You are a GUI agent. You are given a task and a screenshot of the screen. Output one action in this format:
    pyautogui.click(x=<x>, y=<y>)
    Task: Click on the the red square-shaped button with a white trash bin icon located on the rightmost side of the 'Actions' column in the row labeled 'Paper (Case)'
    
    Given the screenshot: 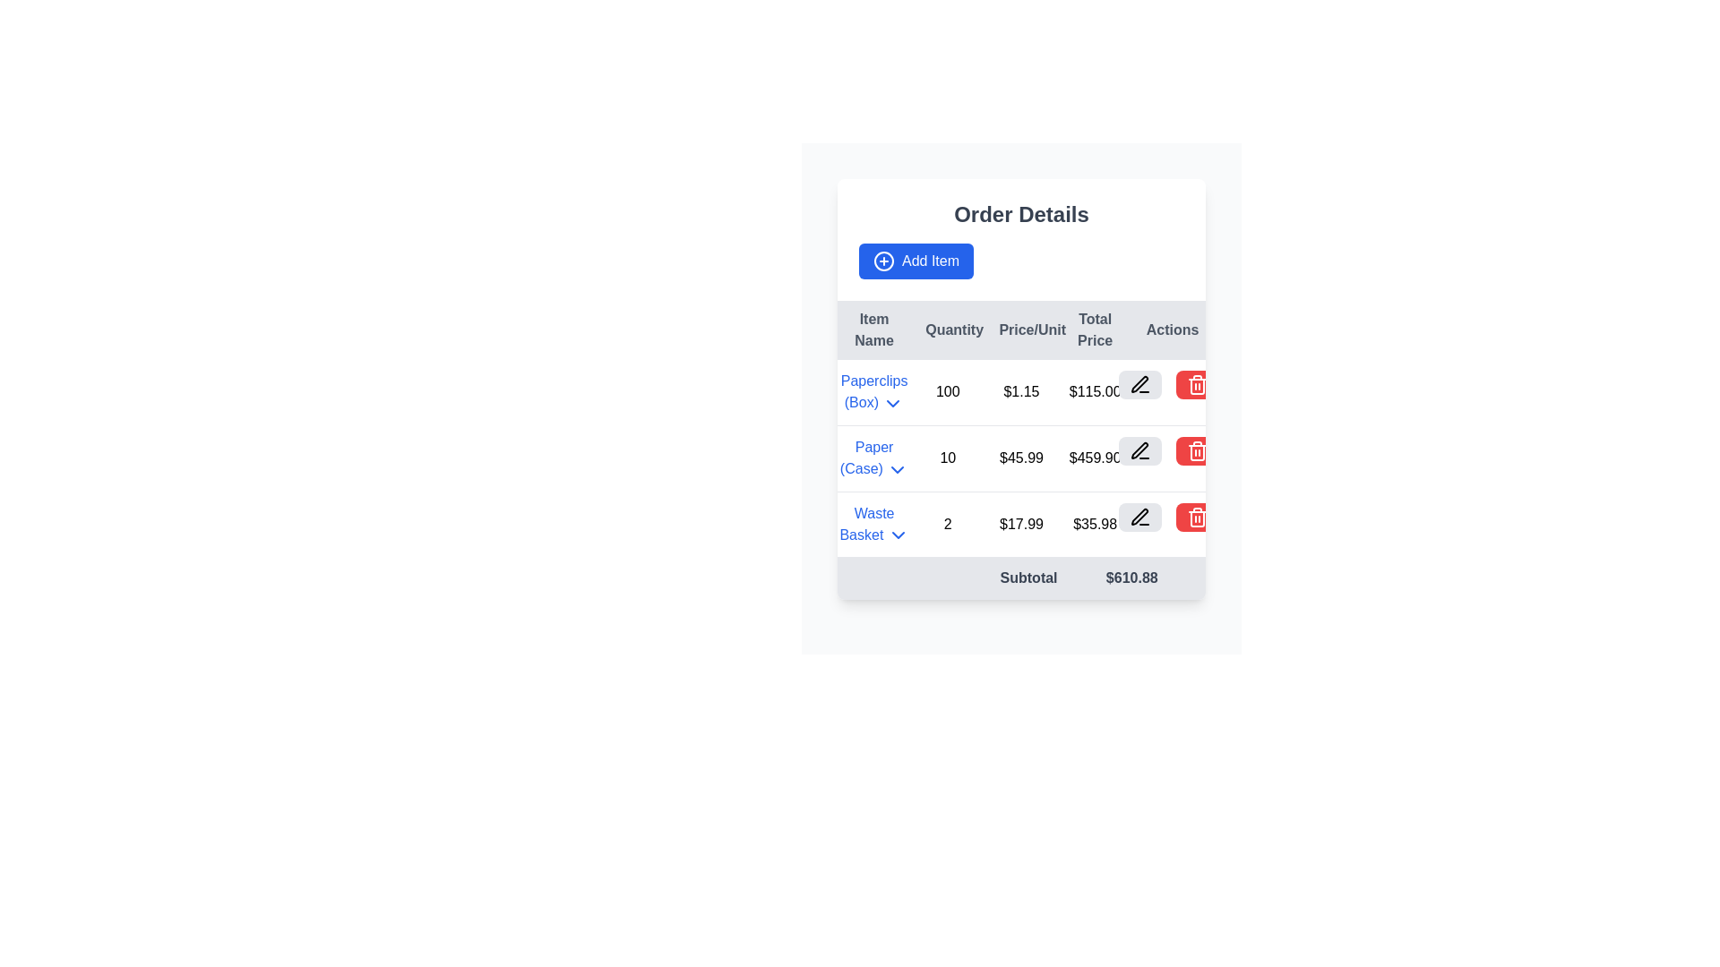 What is the action you would take?
    pyautogui.click(x=1197, y=449)
    